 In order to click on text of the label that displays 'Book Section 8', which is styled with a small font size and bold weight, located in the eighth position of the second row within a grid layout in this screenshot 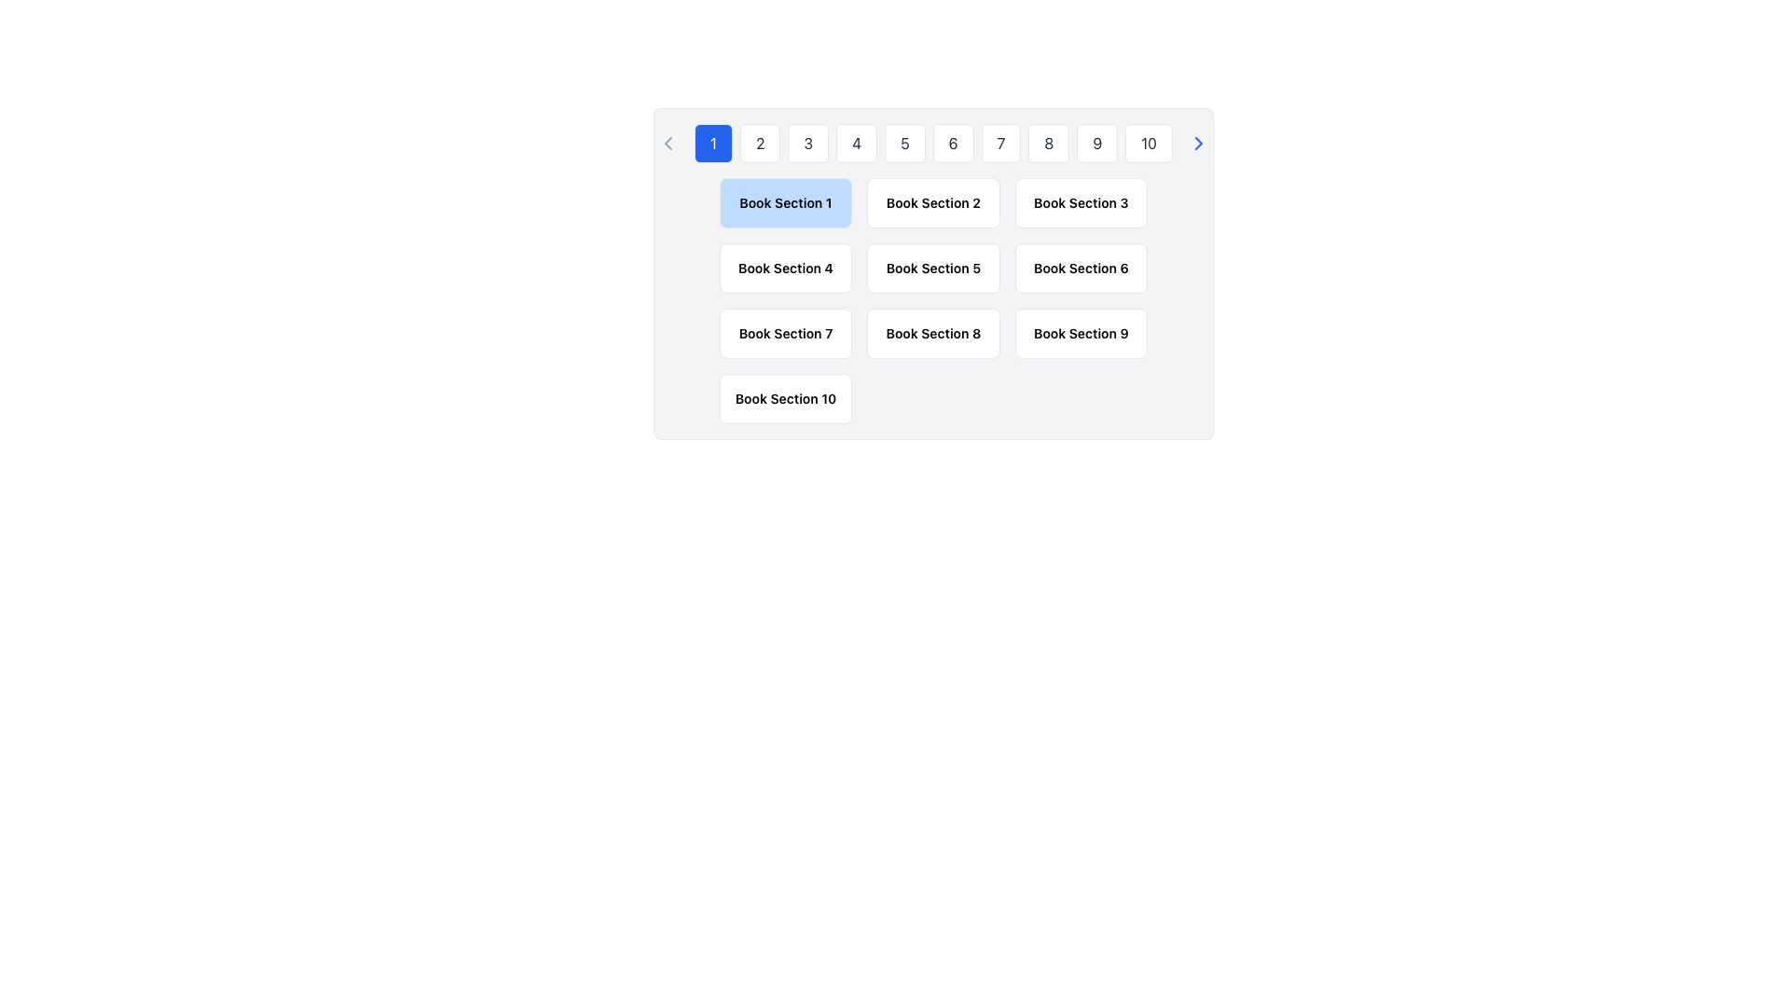, I will do `click(933, 333)`.